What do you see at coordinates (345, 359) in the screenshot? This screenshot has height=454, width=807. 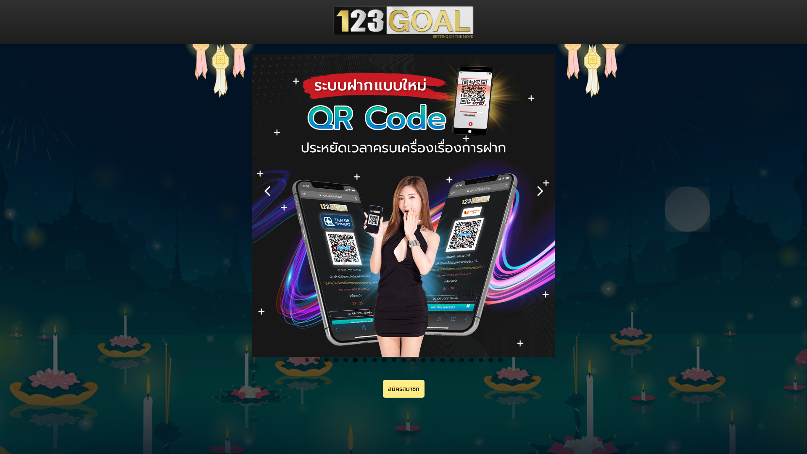 I see `'5'` at bounding box center [345, 359].